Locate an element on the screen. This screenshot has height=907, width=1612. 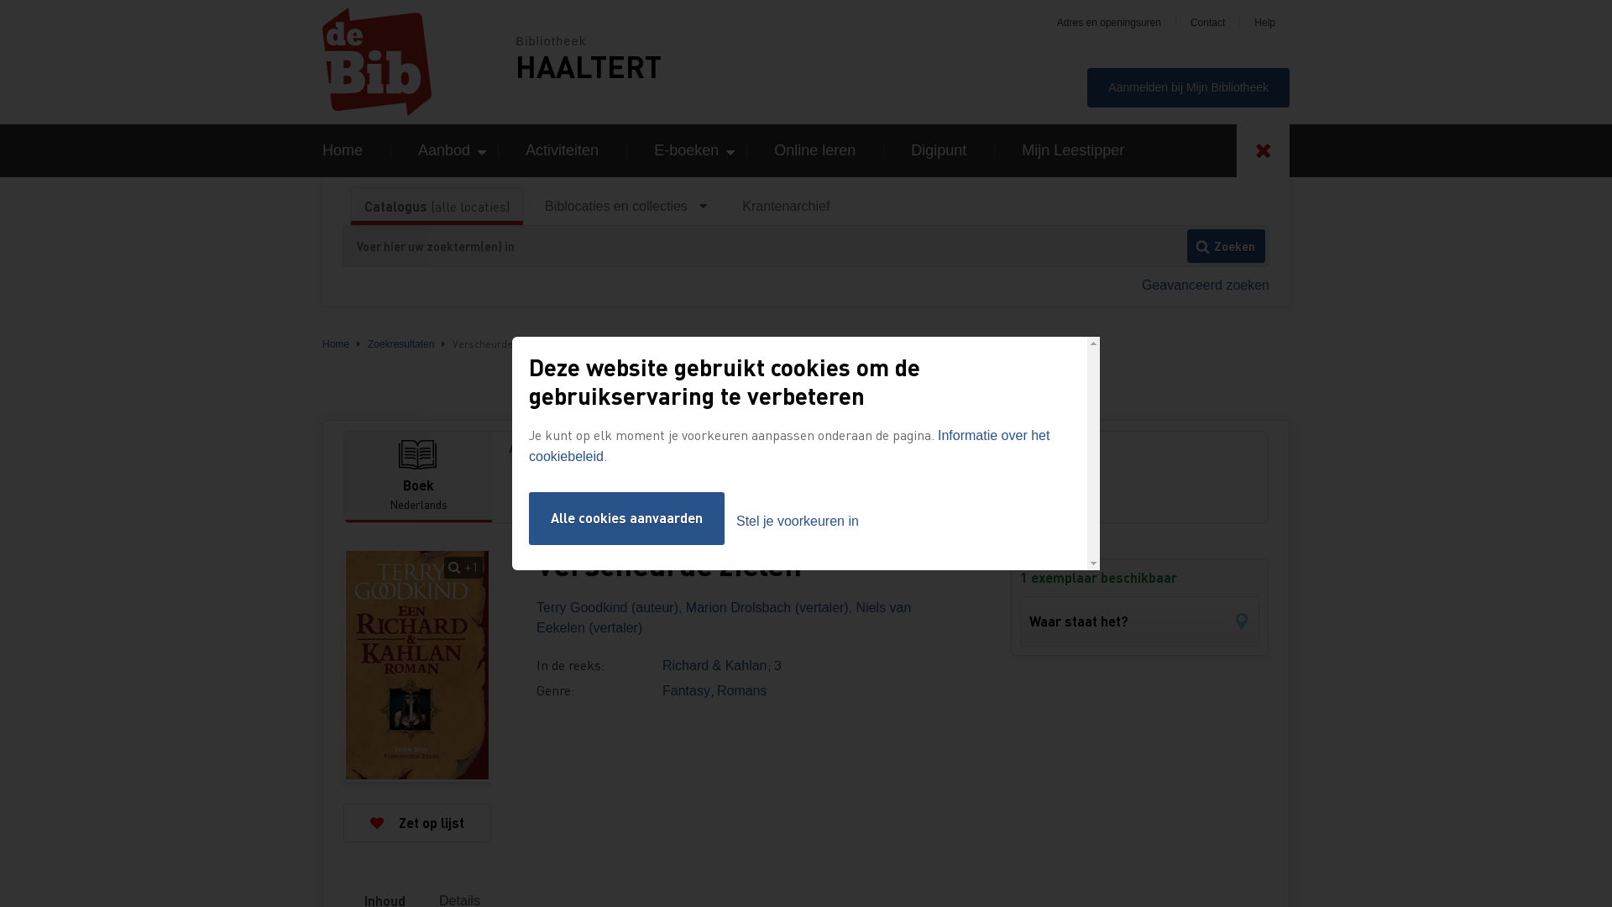
'Waar staat het?' is located at coordinates (1018, 621).